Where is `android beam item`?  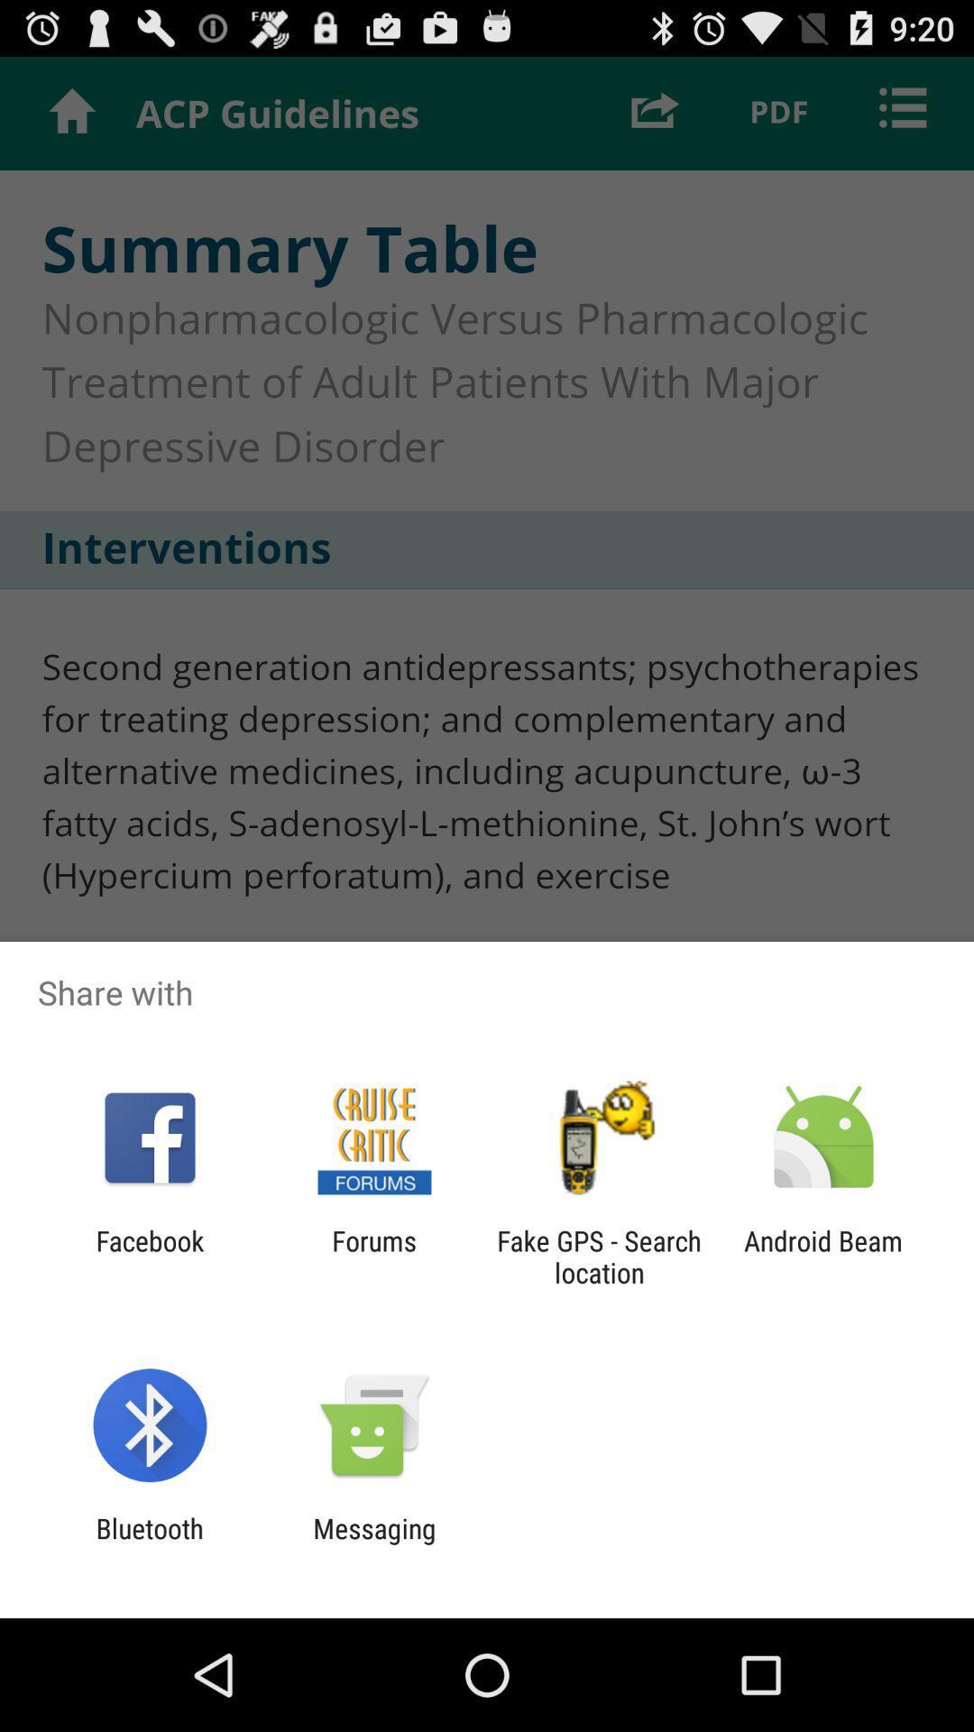 android beam item is located at coordinates (823, 1256).